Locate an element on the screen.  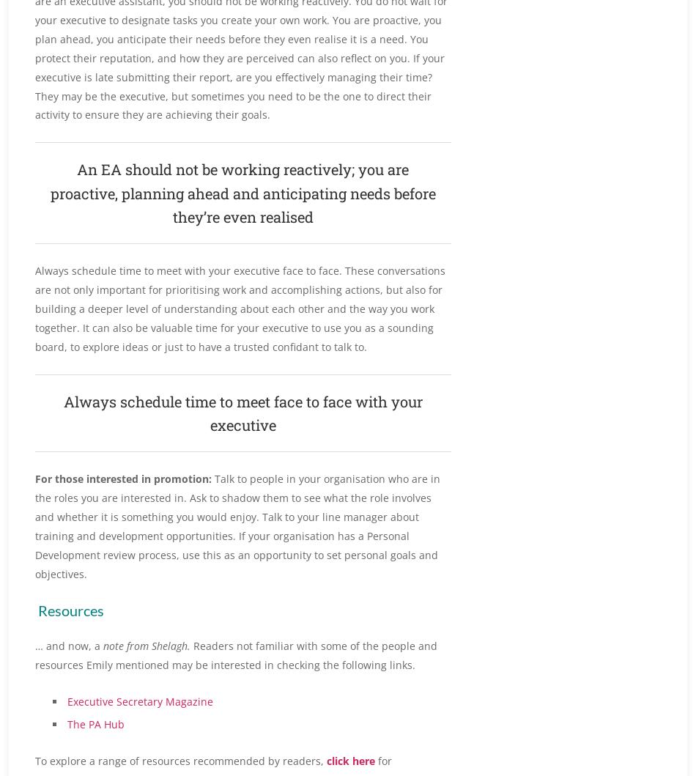
'Resources' is located at coordinates (70, 608).